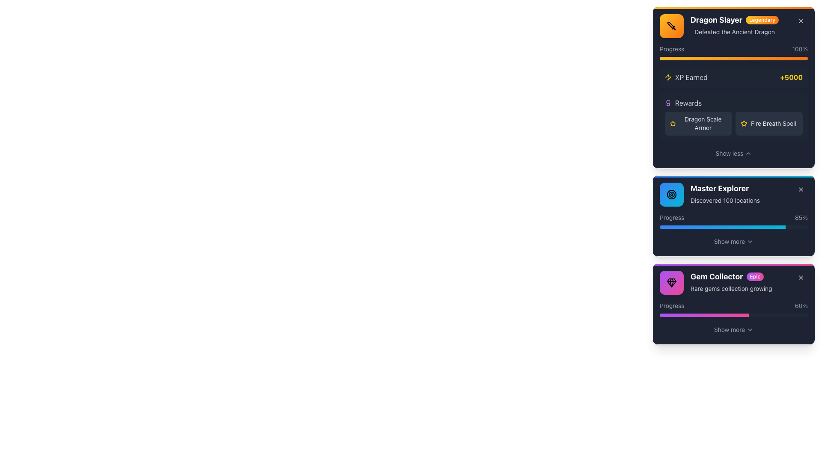 The height and width of the screenshot is (462, 822). Describe the element at coordinates (733, 153) in the screenshot. I see `the toggle button at the bottom of the 'Dragon Slayer' card to observe hover effects` at that location.